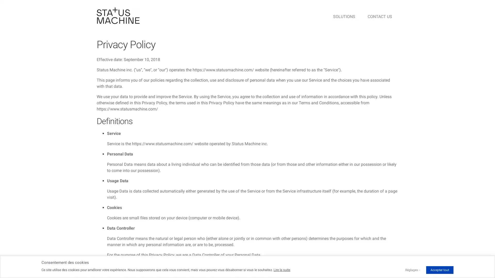  I want to click on Accepter tout, so click(439, 270).